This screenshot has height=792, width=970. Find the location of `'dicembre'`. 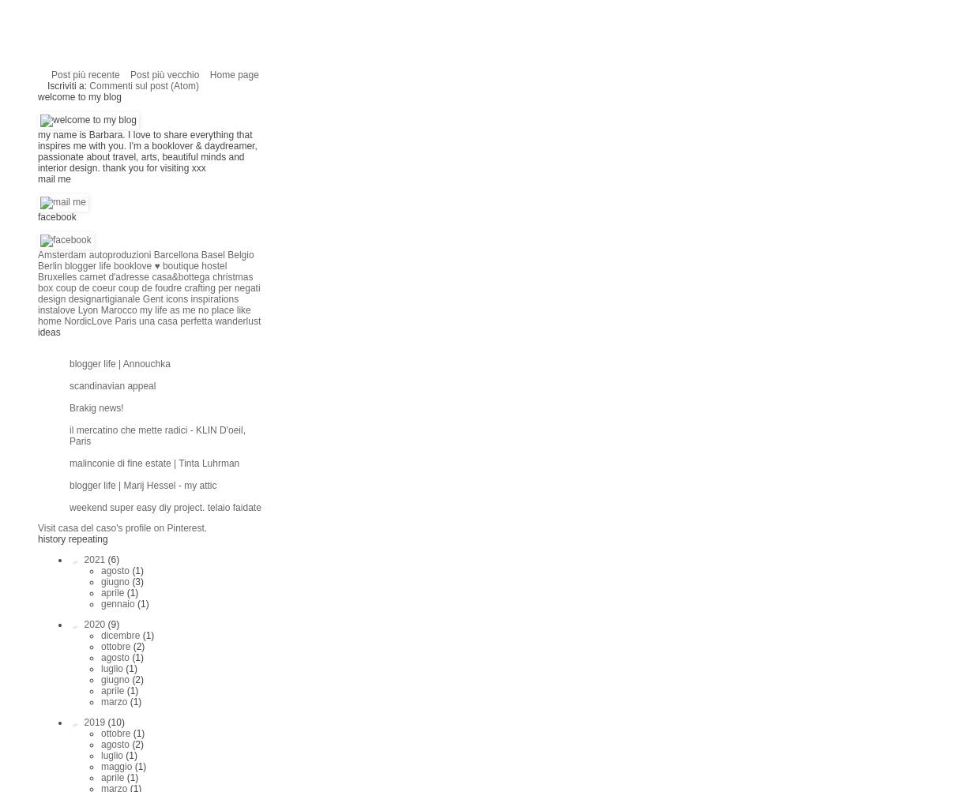

'dicembre' is located at coordinates (100, 635).